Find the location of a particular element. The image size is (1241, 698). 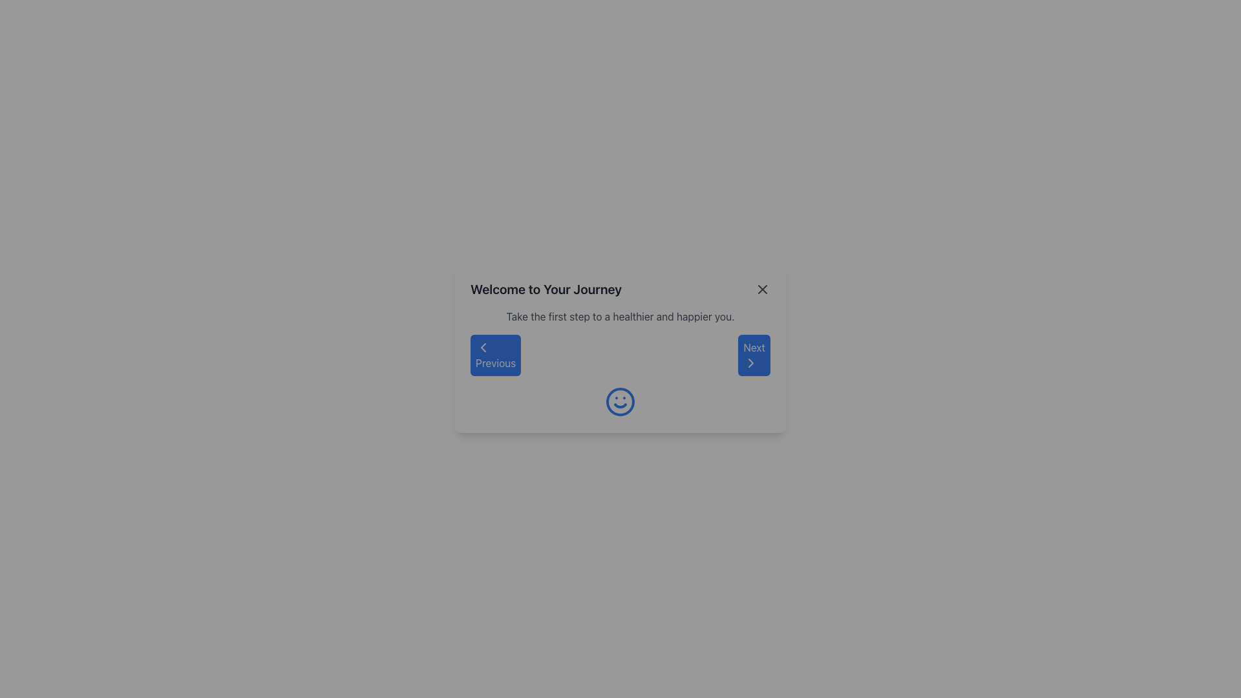

the rectangular blue 'Next' button with rounded corners to observe its hover effect is located at coordinates (754, 355).